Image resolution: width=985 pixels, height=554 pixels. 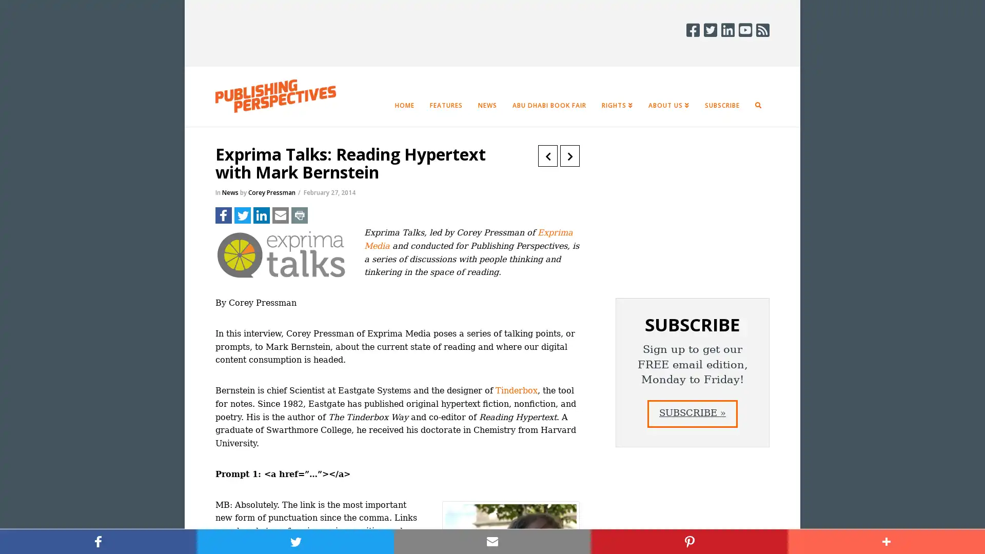 What do you see at coordinates (242, 215) in the screenshot?
I see `Share to Twitter` at bounding box center [242, 215].